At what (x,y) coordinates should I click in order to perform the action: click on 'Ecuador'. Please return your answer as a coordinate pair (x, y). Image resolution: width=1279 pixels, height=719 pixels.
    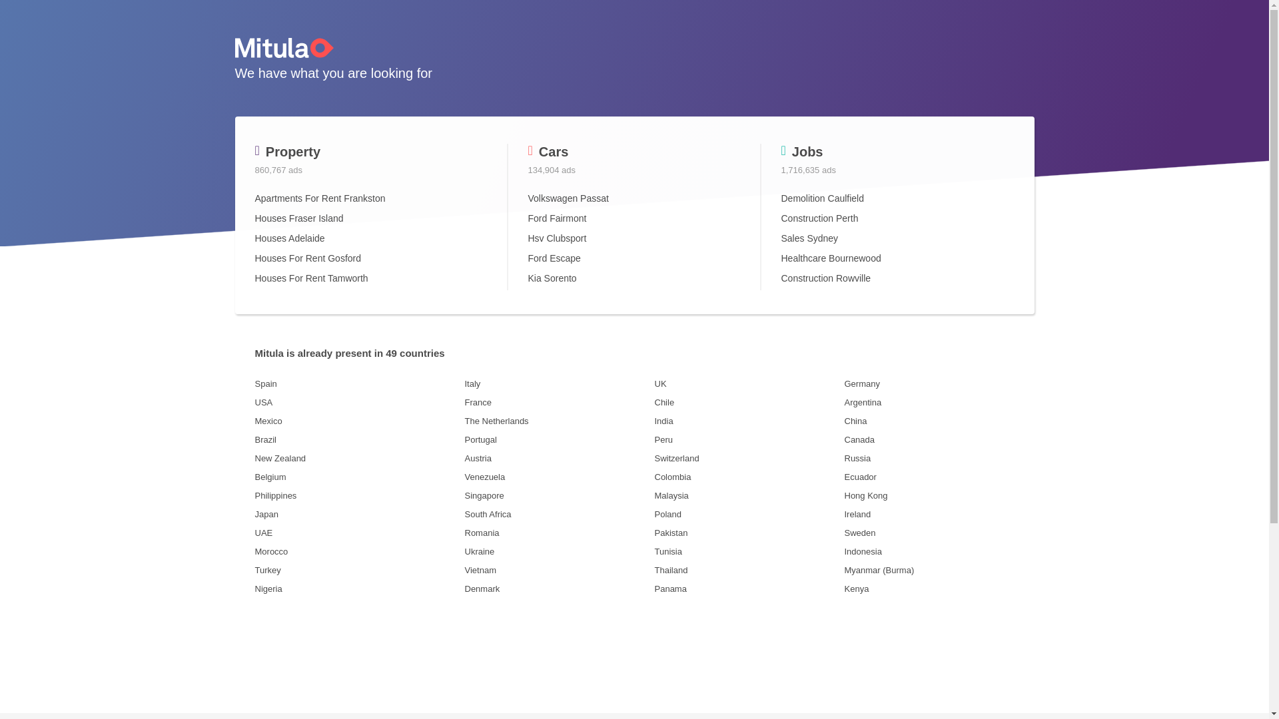
    Looking at the image, I should click on (929, 477).